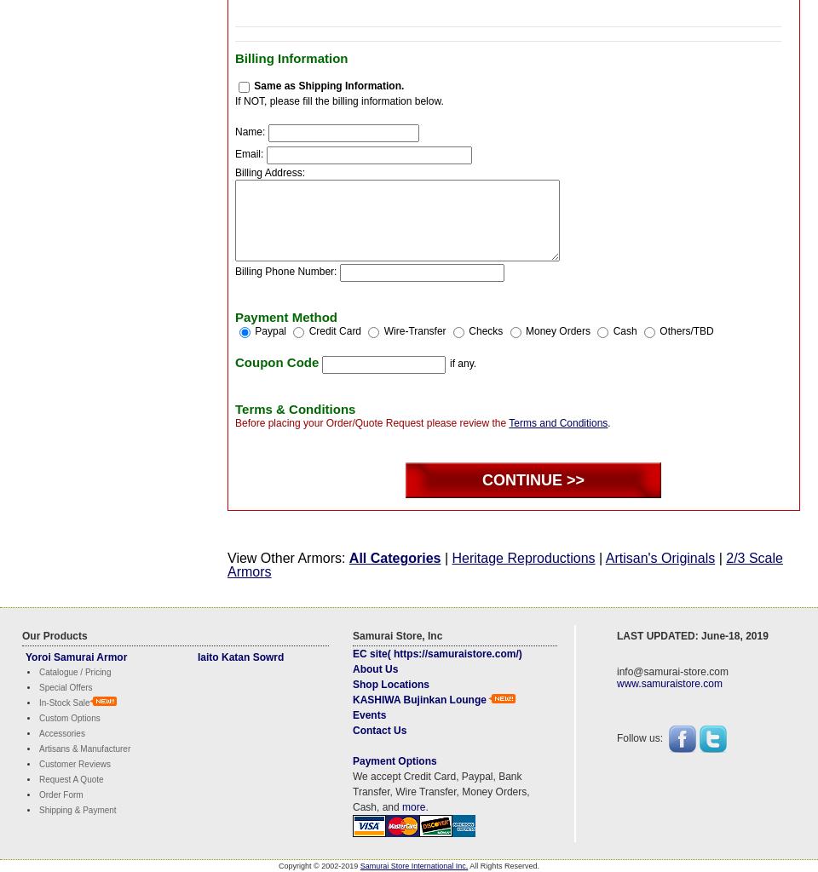 The height and width of the screenshot is (872, 818). I want to click on 'Billing 
Phone Number:', so click(286, 269).